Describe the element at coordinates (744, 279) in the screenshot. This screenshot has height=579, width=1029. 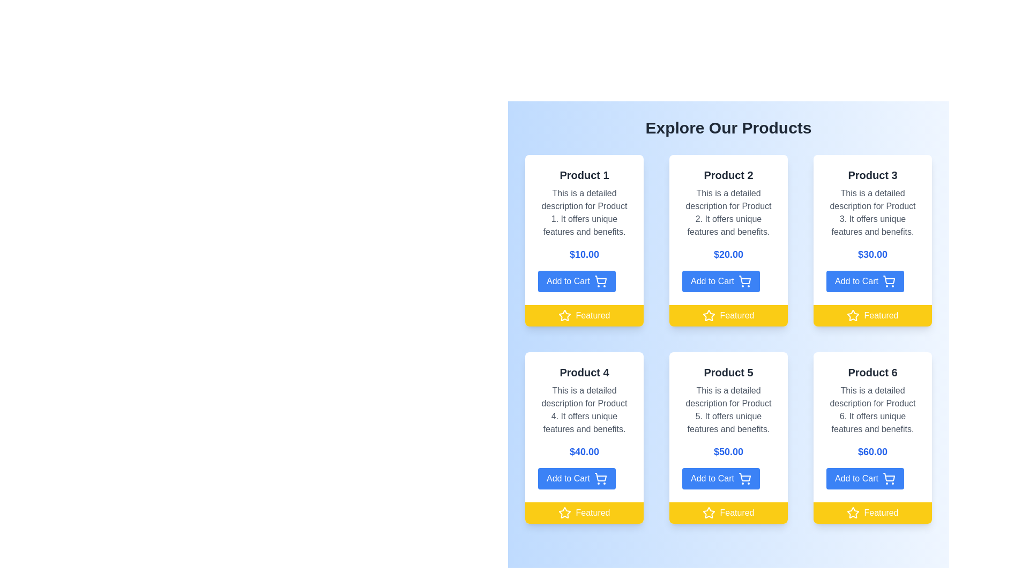
I see `the 'Add to Cart' icon located in the second product card in the top row, positioned slightly to the right of the central vertical axis of the card` at that location.